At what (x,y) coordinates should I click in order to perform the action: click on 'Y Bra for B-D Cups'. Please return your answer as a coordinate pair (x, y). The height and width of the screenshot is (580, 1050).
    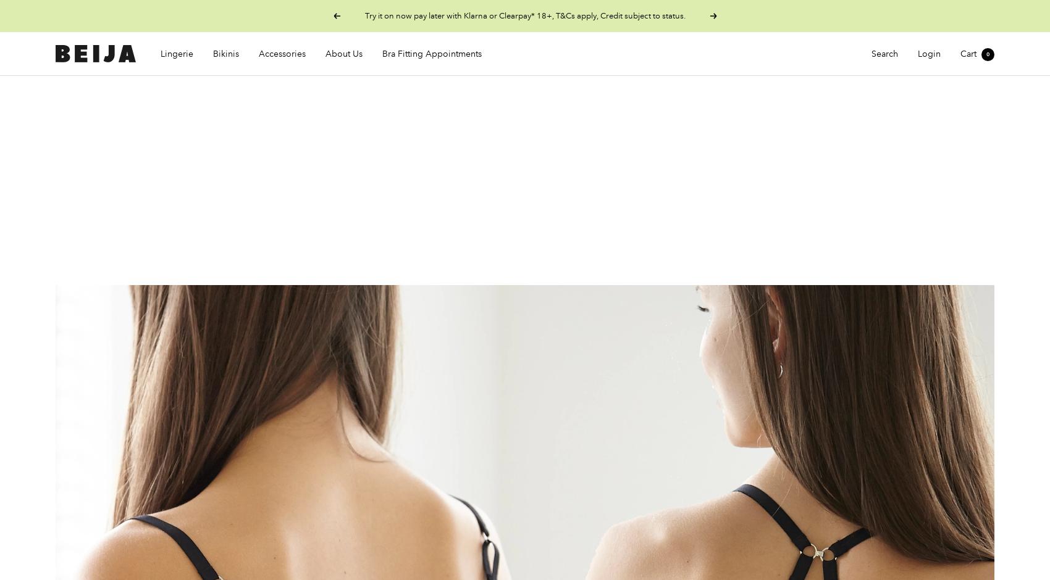
    Looking at the image, I should click on (212, 158).